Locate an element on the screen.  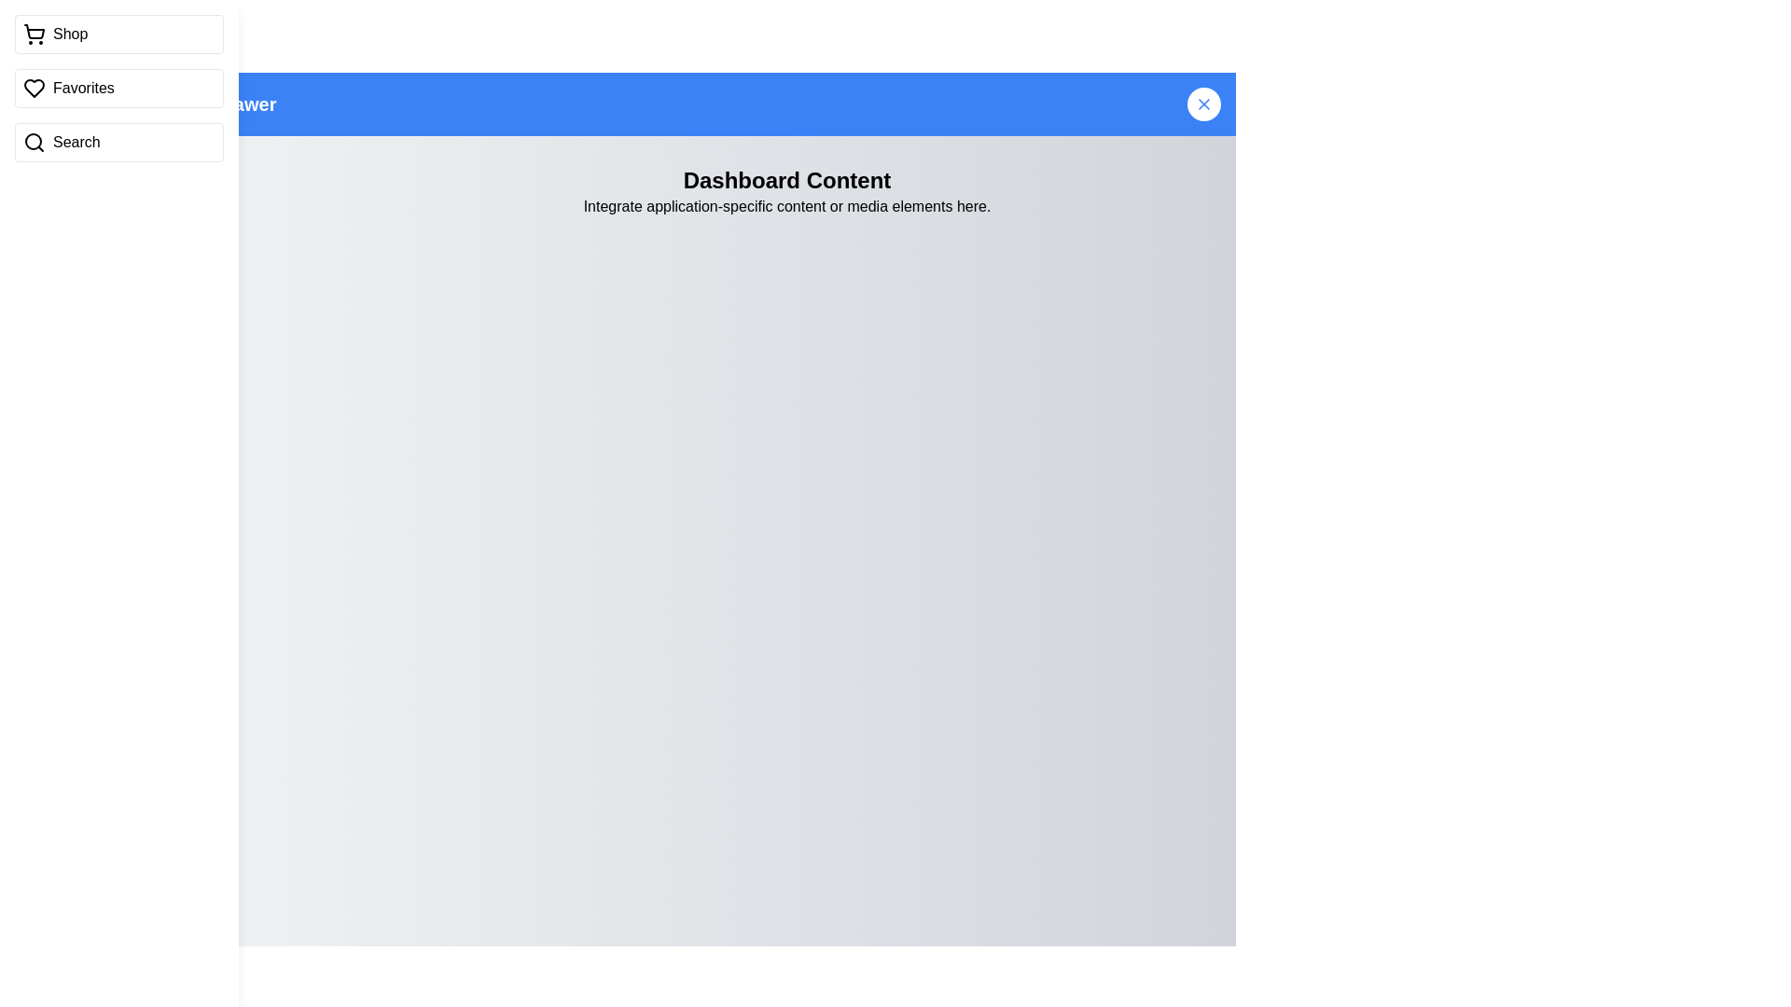
the blue and white 'X' icon located in the top-right corner of the interface is located at coordinates (1204, 103).